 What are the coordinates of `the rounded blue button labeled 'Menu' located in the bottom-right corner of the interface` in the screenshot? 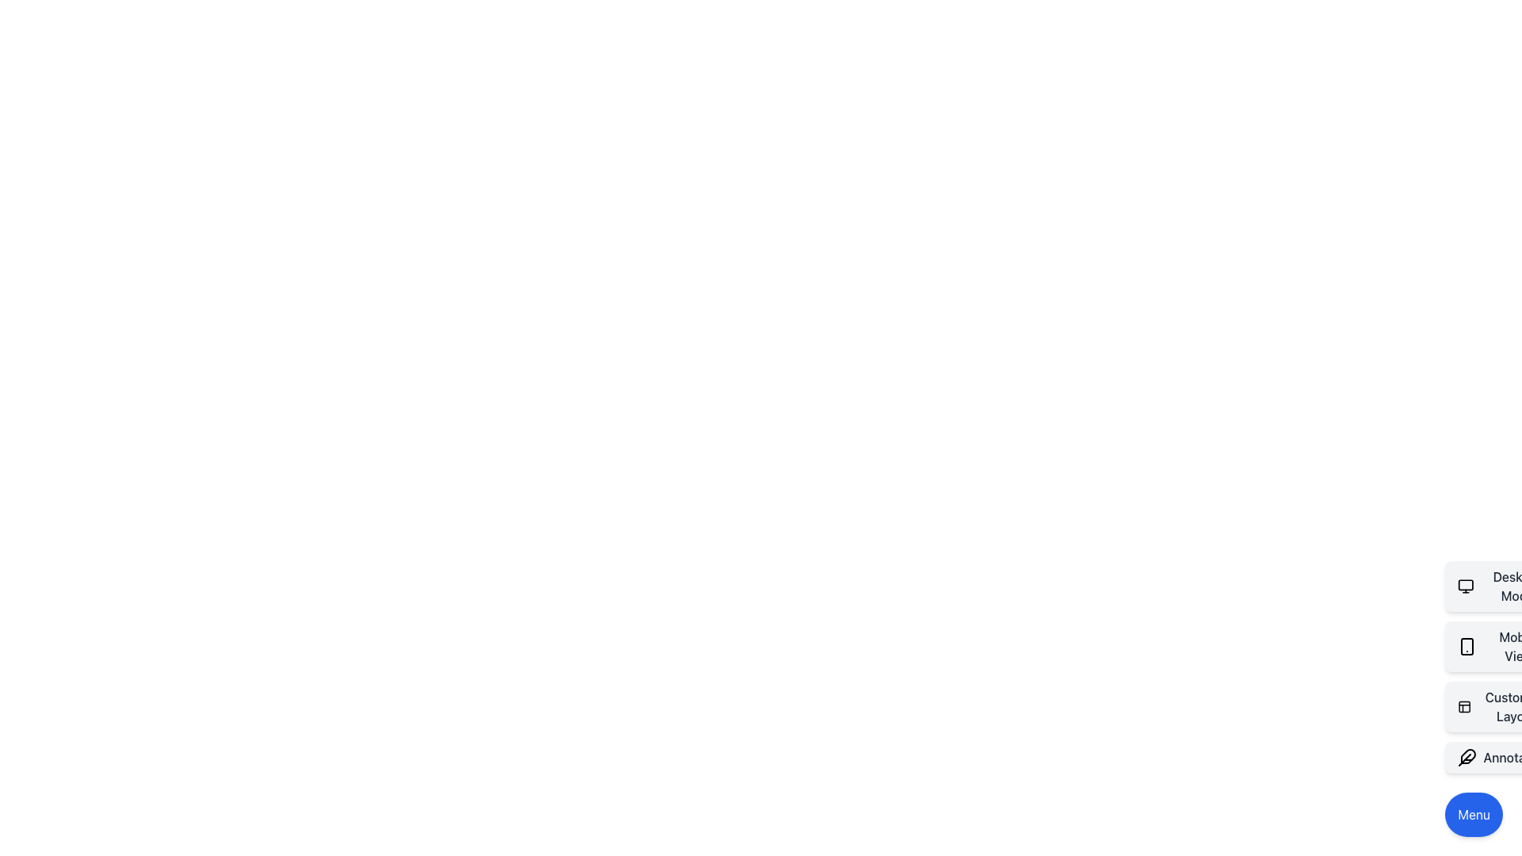 It's located at (1473, 815).